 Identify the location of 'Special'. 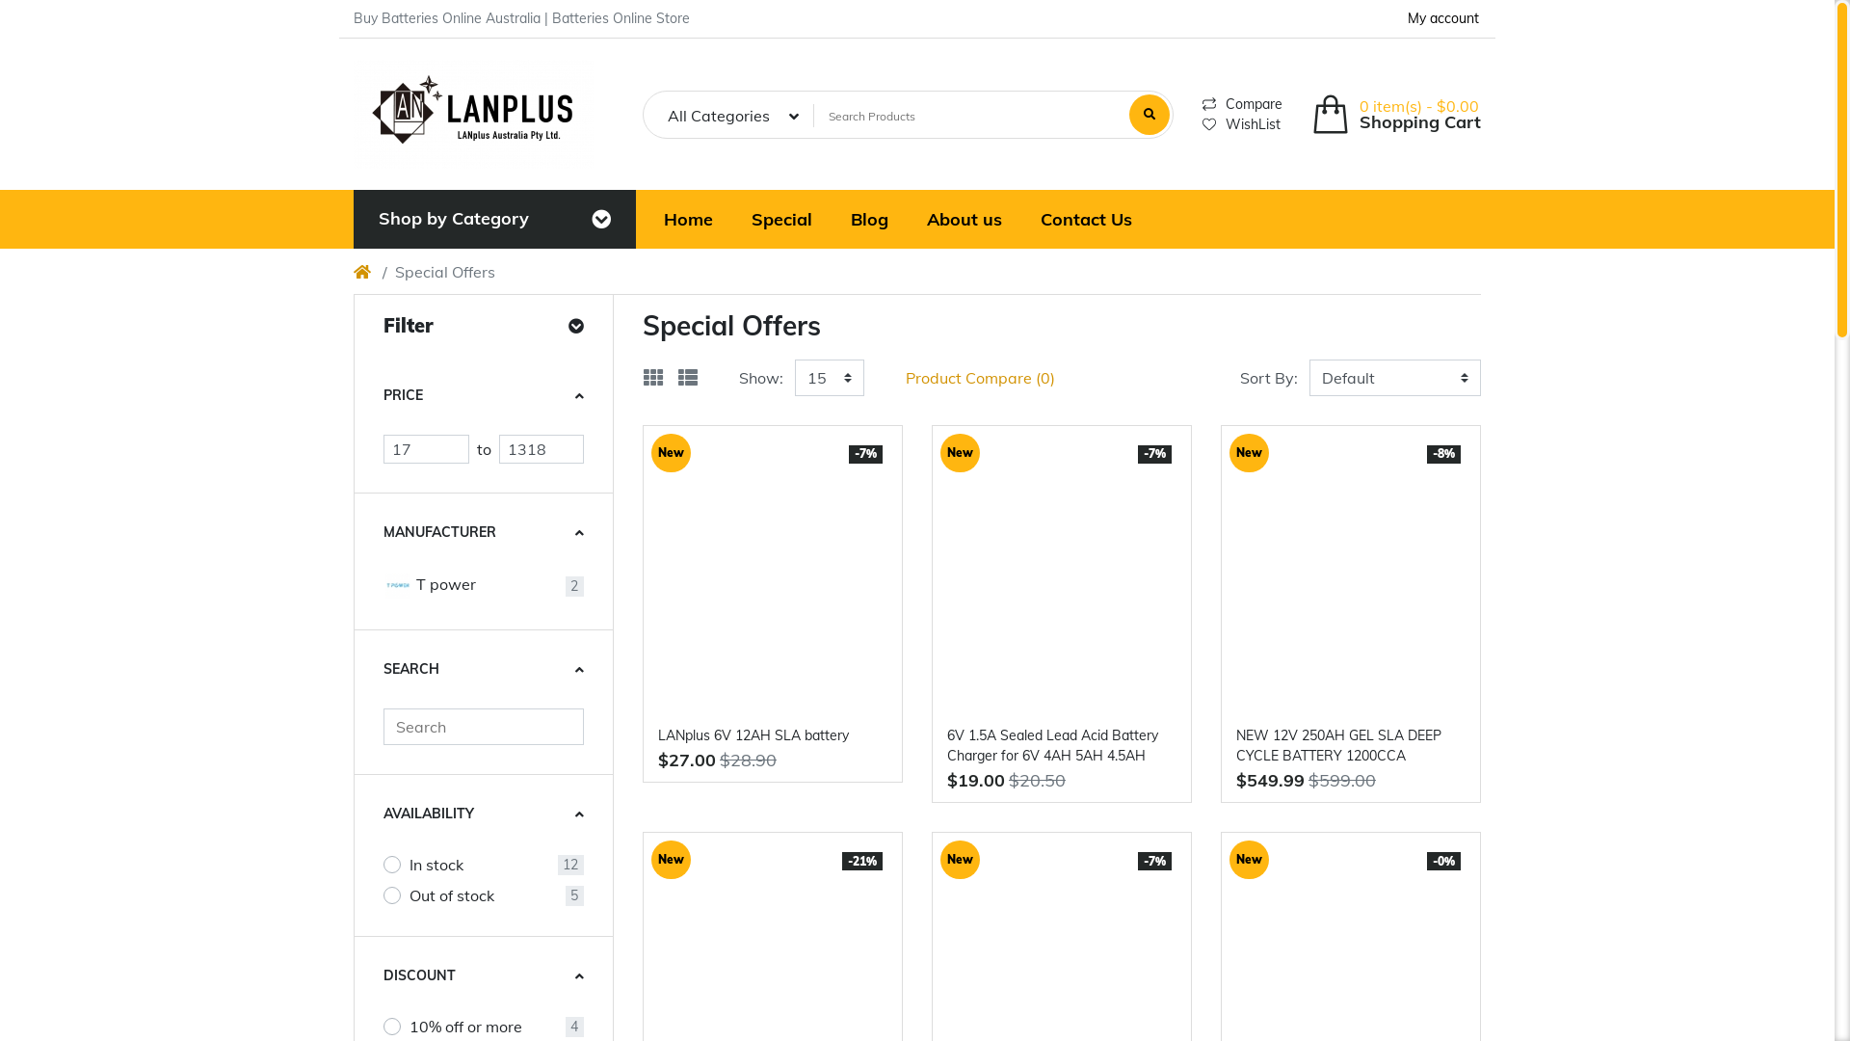
(730, 218).